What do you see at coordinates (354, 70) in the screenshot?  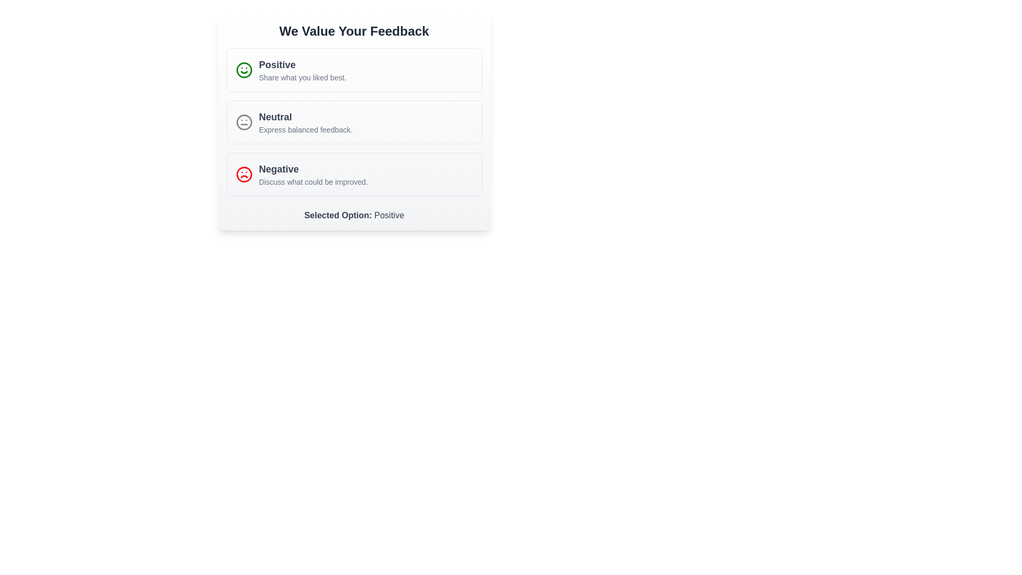 I see `the 'Positive' feedback type selectable option located at the top of the list of feedback types` at bounding box center [354, 70].